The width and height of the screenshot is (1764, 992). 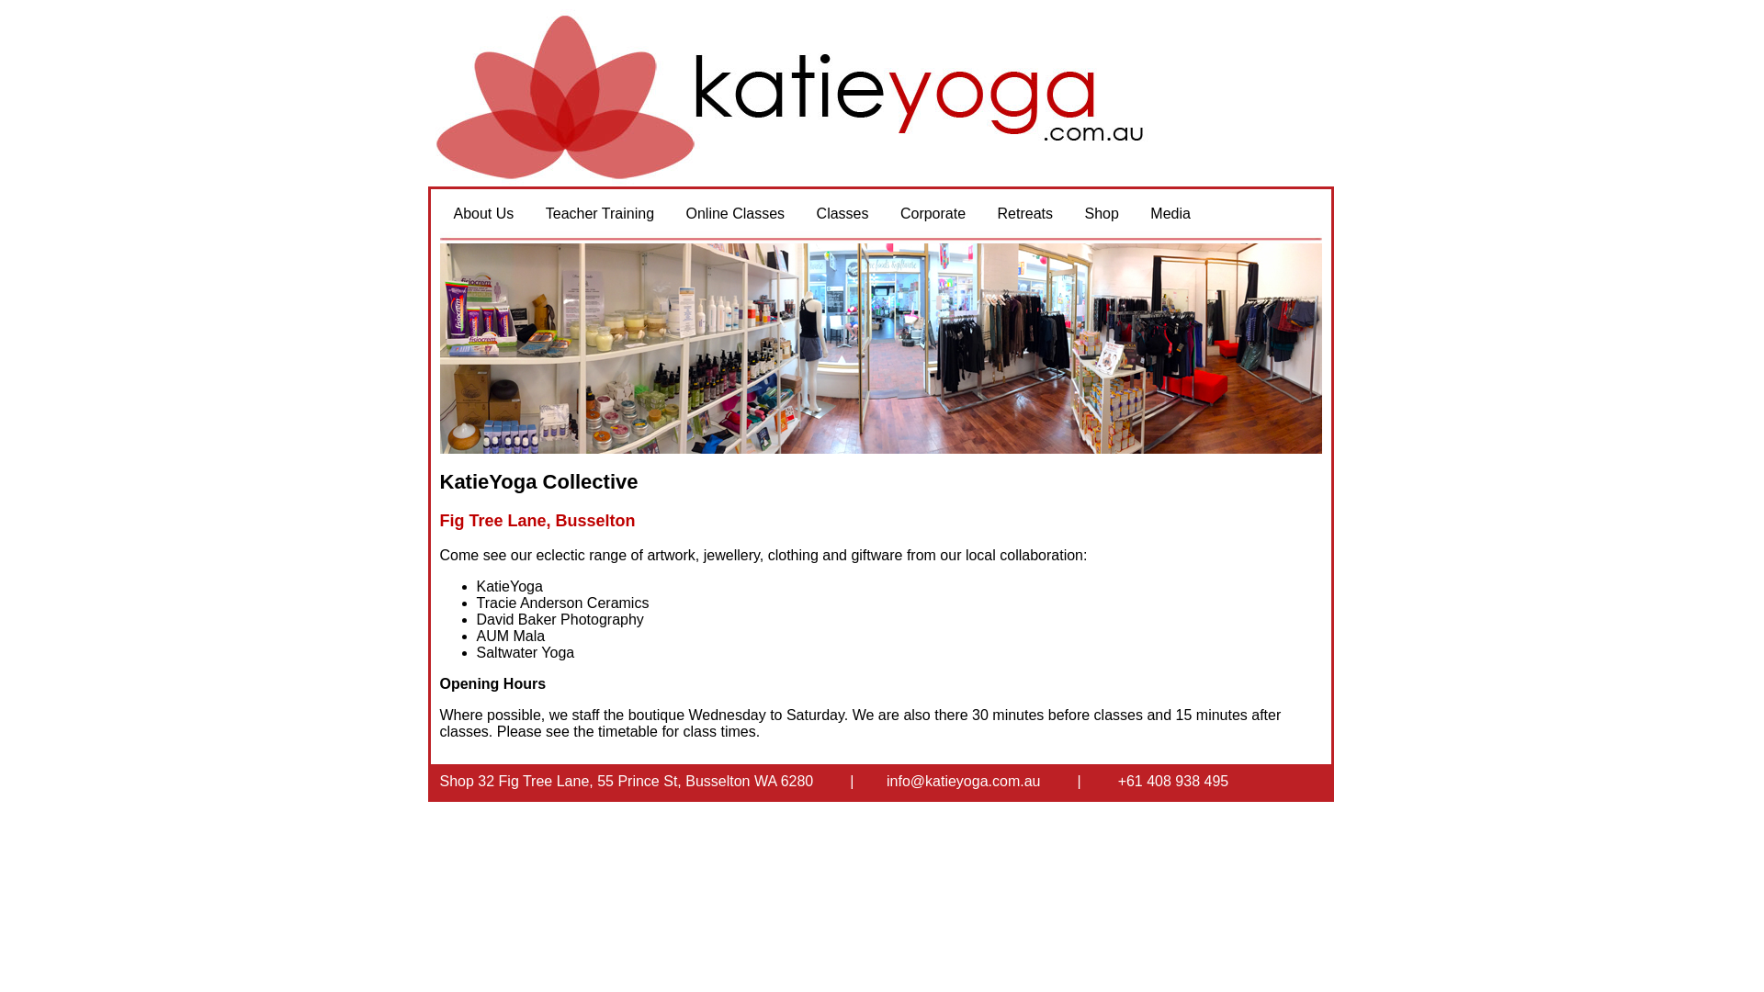 What do you see at coordinates (1070, 212) in the screenshot?
I see `'Shop'` at bounding box center [1070, 212].